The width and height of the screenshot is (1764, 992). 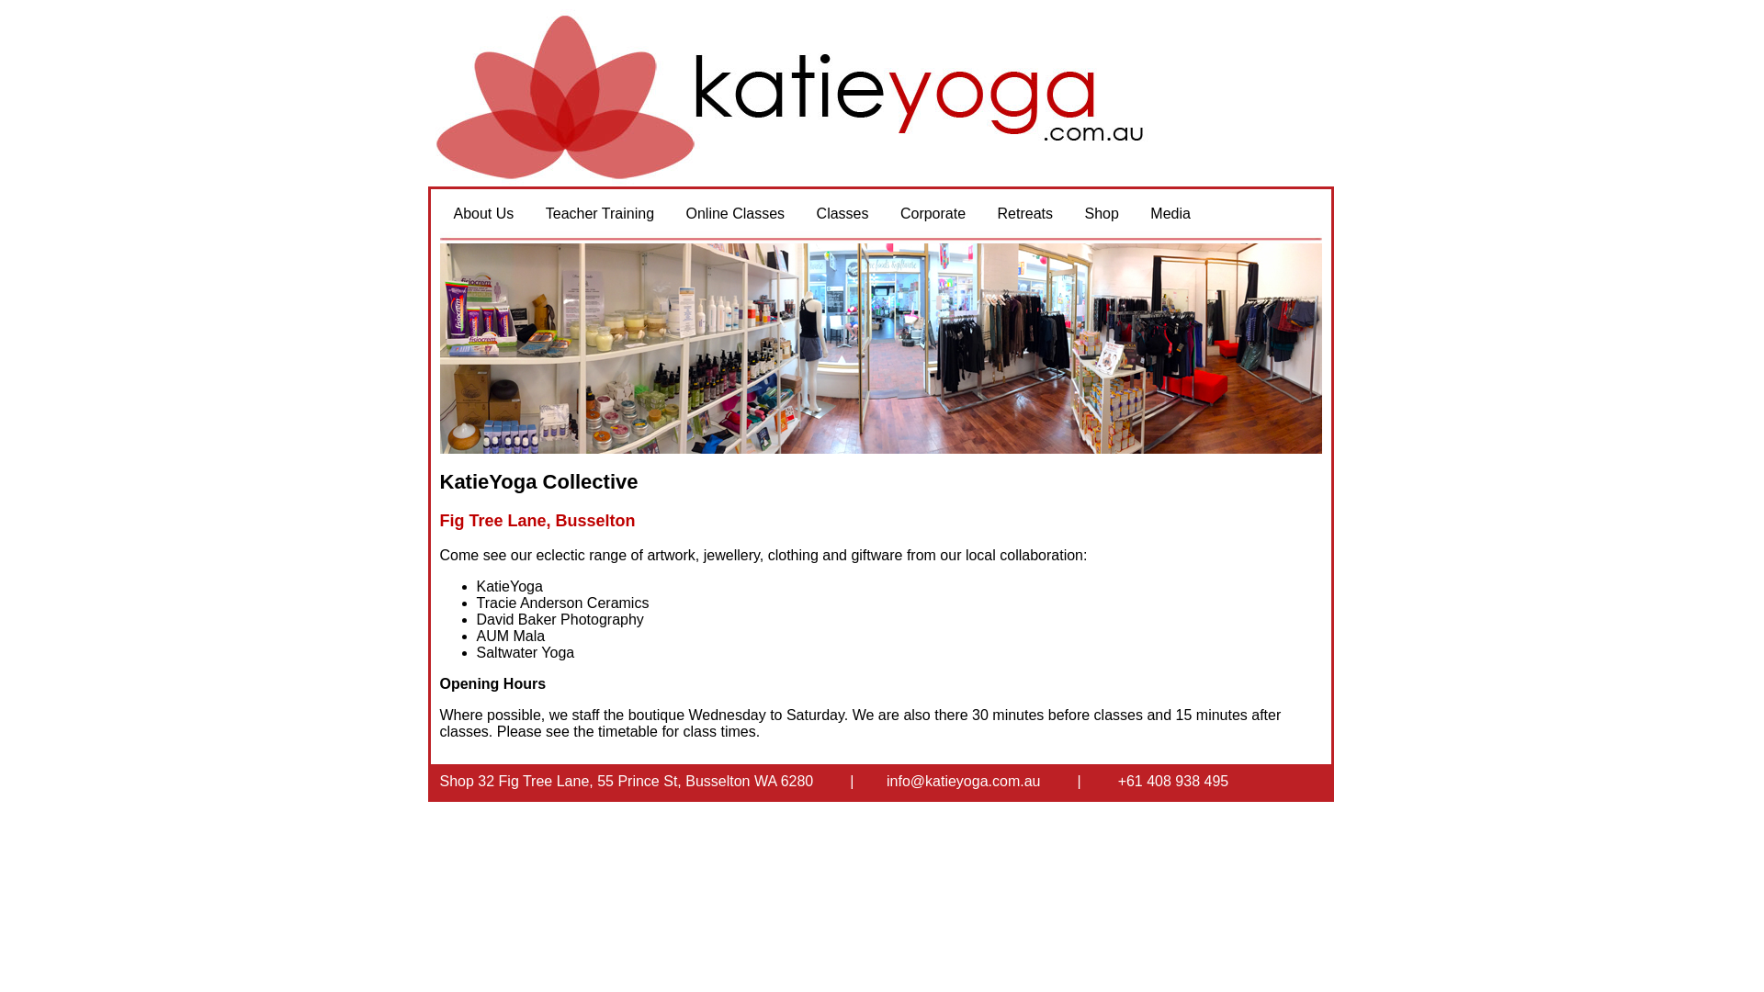 What do you see at coordinates (1070, 212) in the screenshot?
I see `'Shop'` at bounding box center [1070, 212].